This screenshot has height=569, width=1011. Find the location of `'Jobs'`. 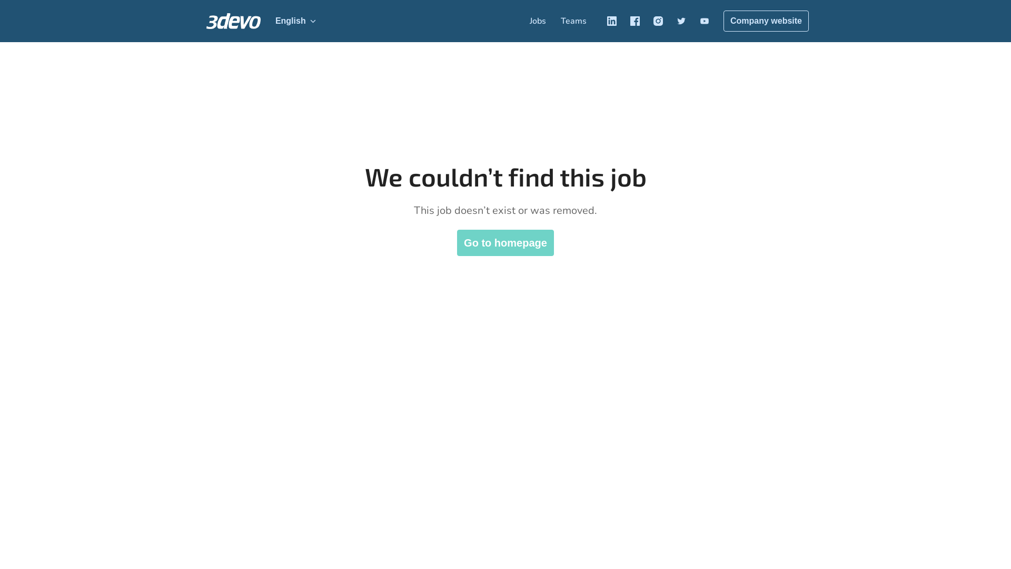

'Jobs' is located at coordinates (538, 21).